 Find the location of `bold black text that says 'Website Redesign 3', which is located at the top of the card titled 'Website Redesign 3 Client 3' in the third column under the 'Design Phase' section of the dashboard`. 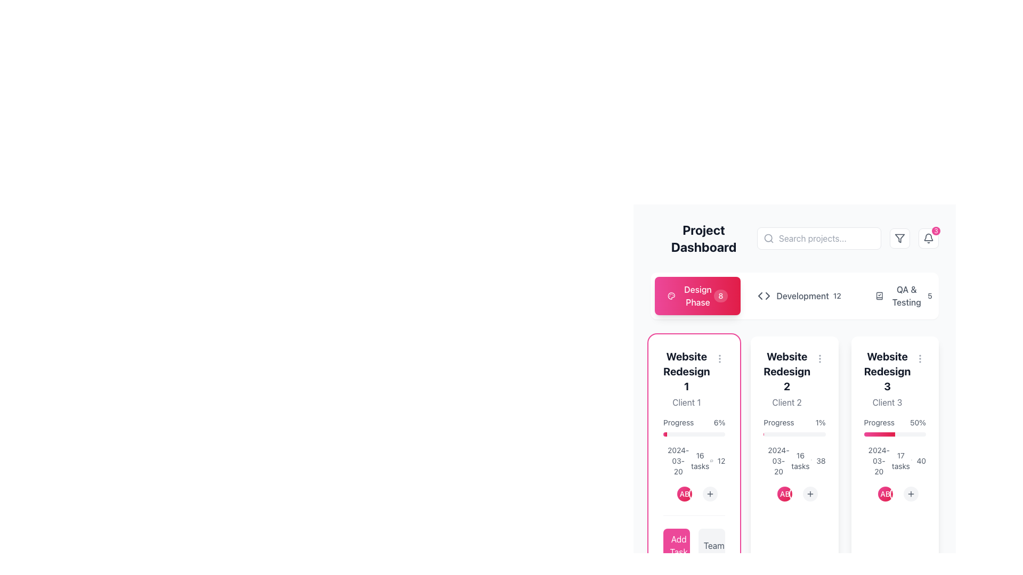

bold black text that says 'Website Redesign 3', which is located at the top of the card titled 'Website Redesign 3 Client 3' in the third column under the 'Design Phase' section of the dashboard is located at coordinates (887, 371).